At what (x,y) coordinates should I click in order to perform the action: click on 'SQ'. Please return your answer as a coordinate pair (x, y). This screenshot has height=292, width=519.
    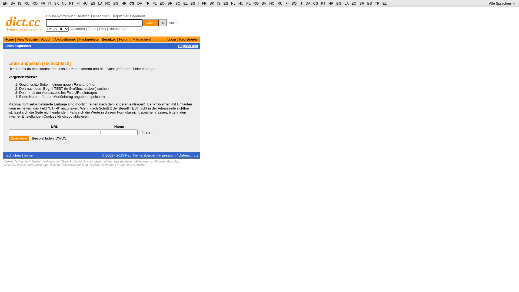
    Looking at the image, I should click on (178, 3).